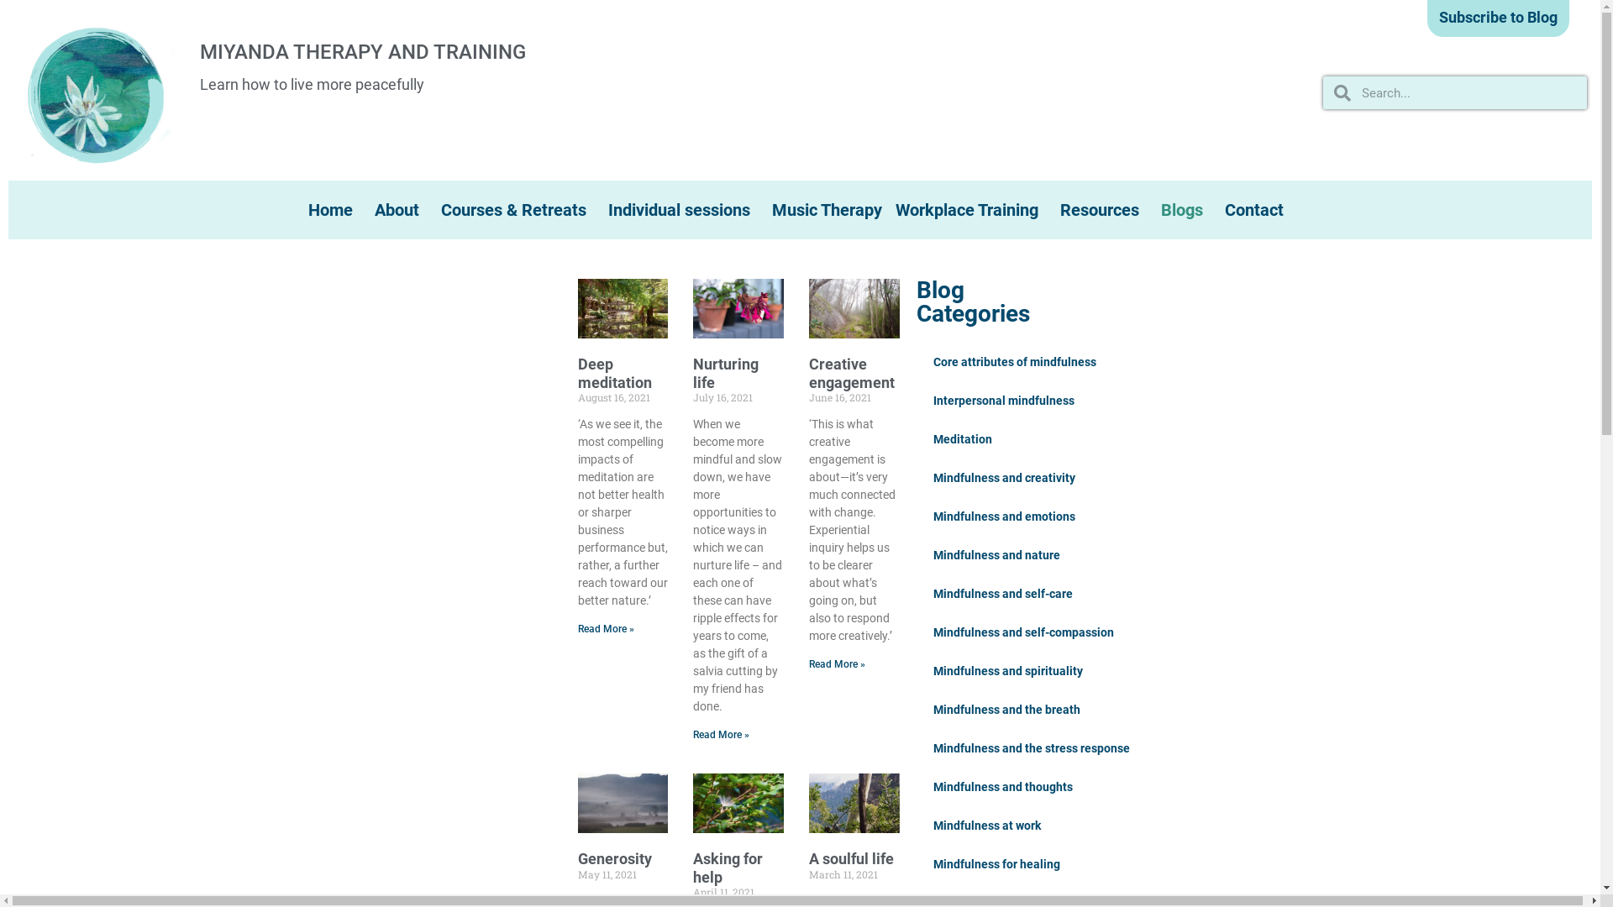 Image resolution: width=1613 pixels, height=907 pixels. Describe the element at coordinates (1008, 669) in the screenshot. I see `'Mindfulness and spirituality'` at that location.